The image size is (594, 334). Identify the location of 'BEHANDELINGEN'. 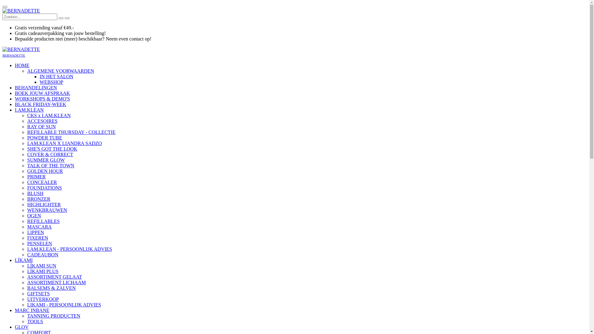
(35, 88).